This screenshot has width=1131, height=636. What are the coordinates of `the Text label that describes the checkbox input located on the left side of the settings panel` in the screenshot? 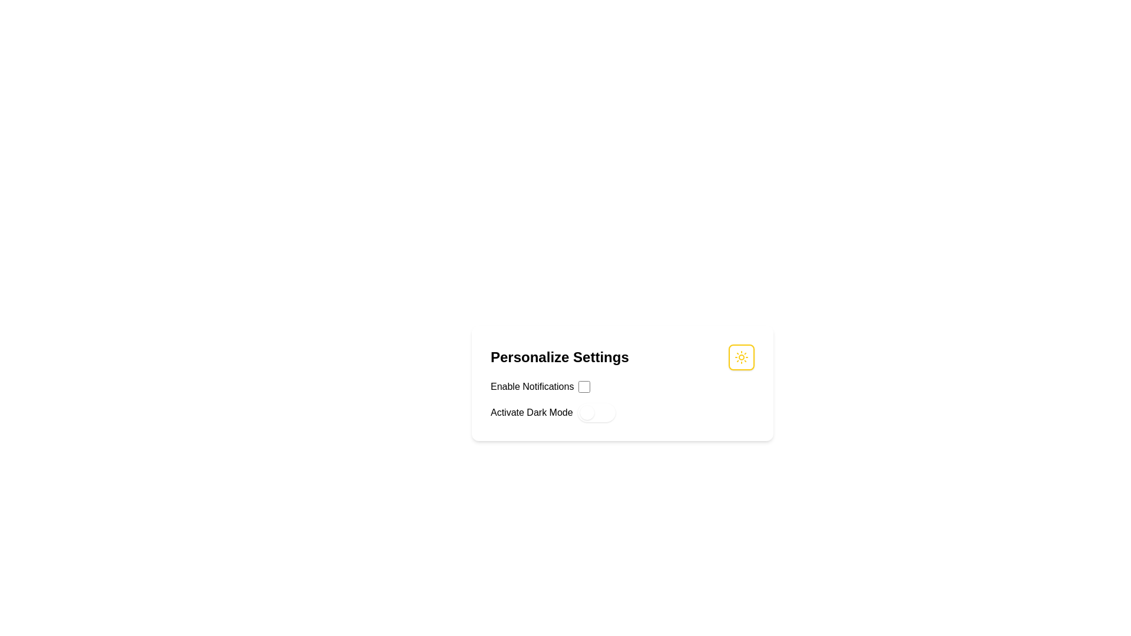 It's located at (531, 386).